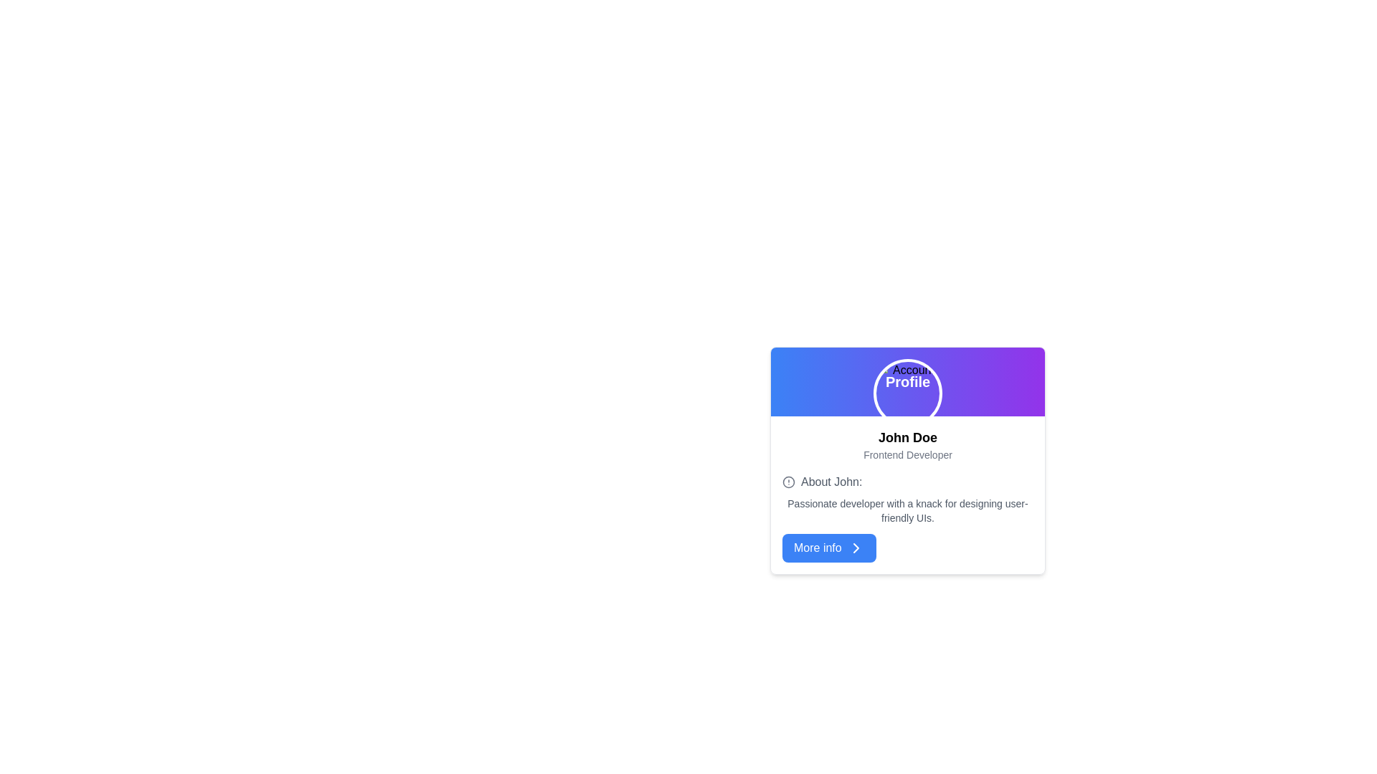  What do you see at coordinates (829, 548) in the screenshot?
I see `the distinct blue button with white text 'More info' and a right-facing arrow icon located at the bottom right of the profile details card` at bounding box center [829, 548].